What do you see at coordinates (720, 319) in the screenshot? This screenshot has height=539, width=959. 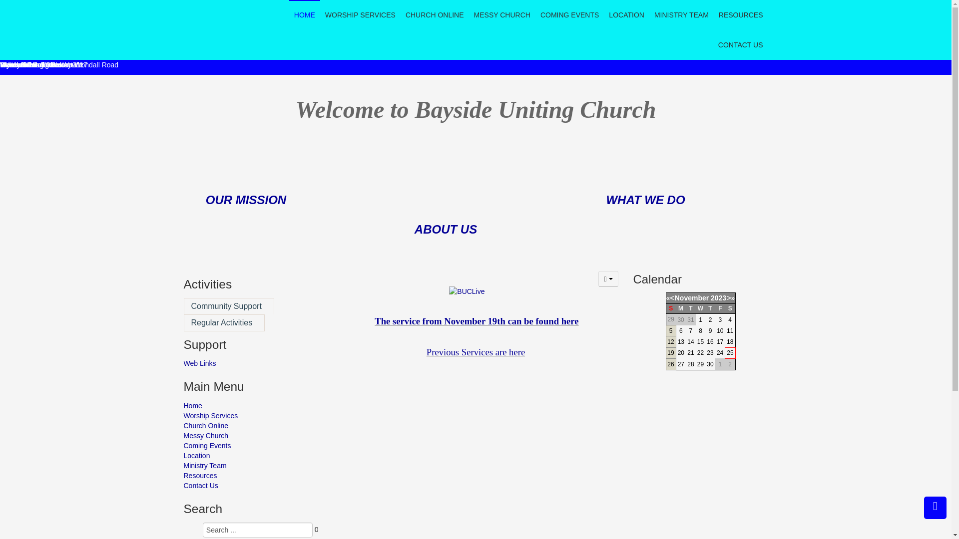 I see `'3'` at bounding box center [720, 319].